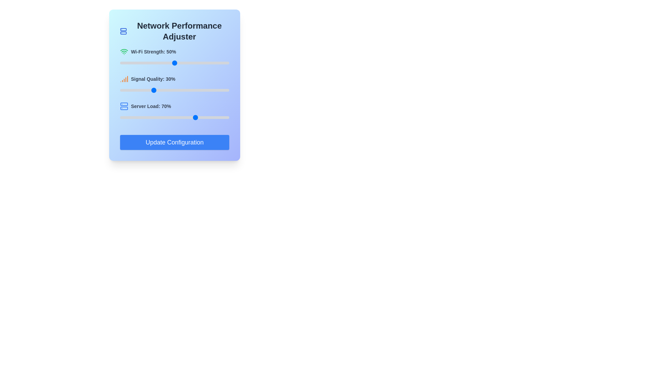 This screenshot has width=655, height=368. What do you see at coordinates (195, 90) in the screenshot?
I see `signal quality` at bounding box center [195, 90].